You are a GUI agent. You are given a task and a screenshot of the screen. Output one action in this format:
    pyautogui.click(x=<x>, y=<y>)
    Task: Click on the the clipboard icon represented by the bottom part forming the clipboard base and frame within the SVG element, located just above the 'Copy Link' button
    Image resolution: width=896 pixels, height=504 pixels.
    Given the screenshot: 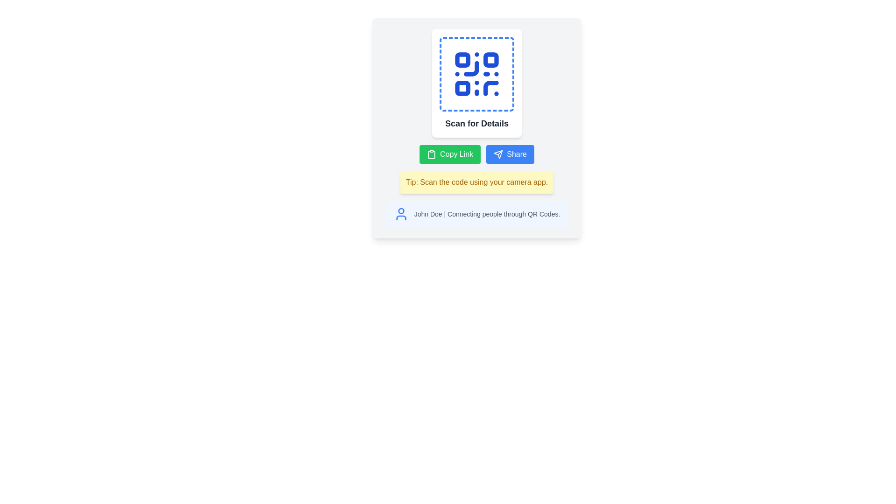 What is the action you would take?
    pyautogui.click(x=431, y=154)
    